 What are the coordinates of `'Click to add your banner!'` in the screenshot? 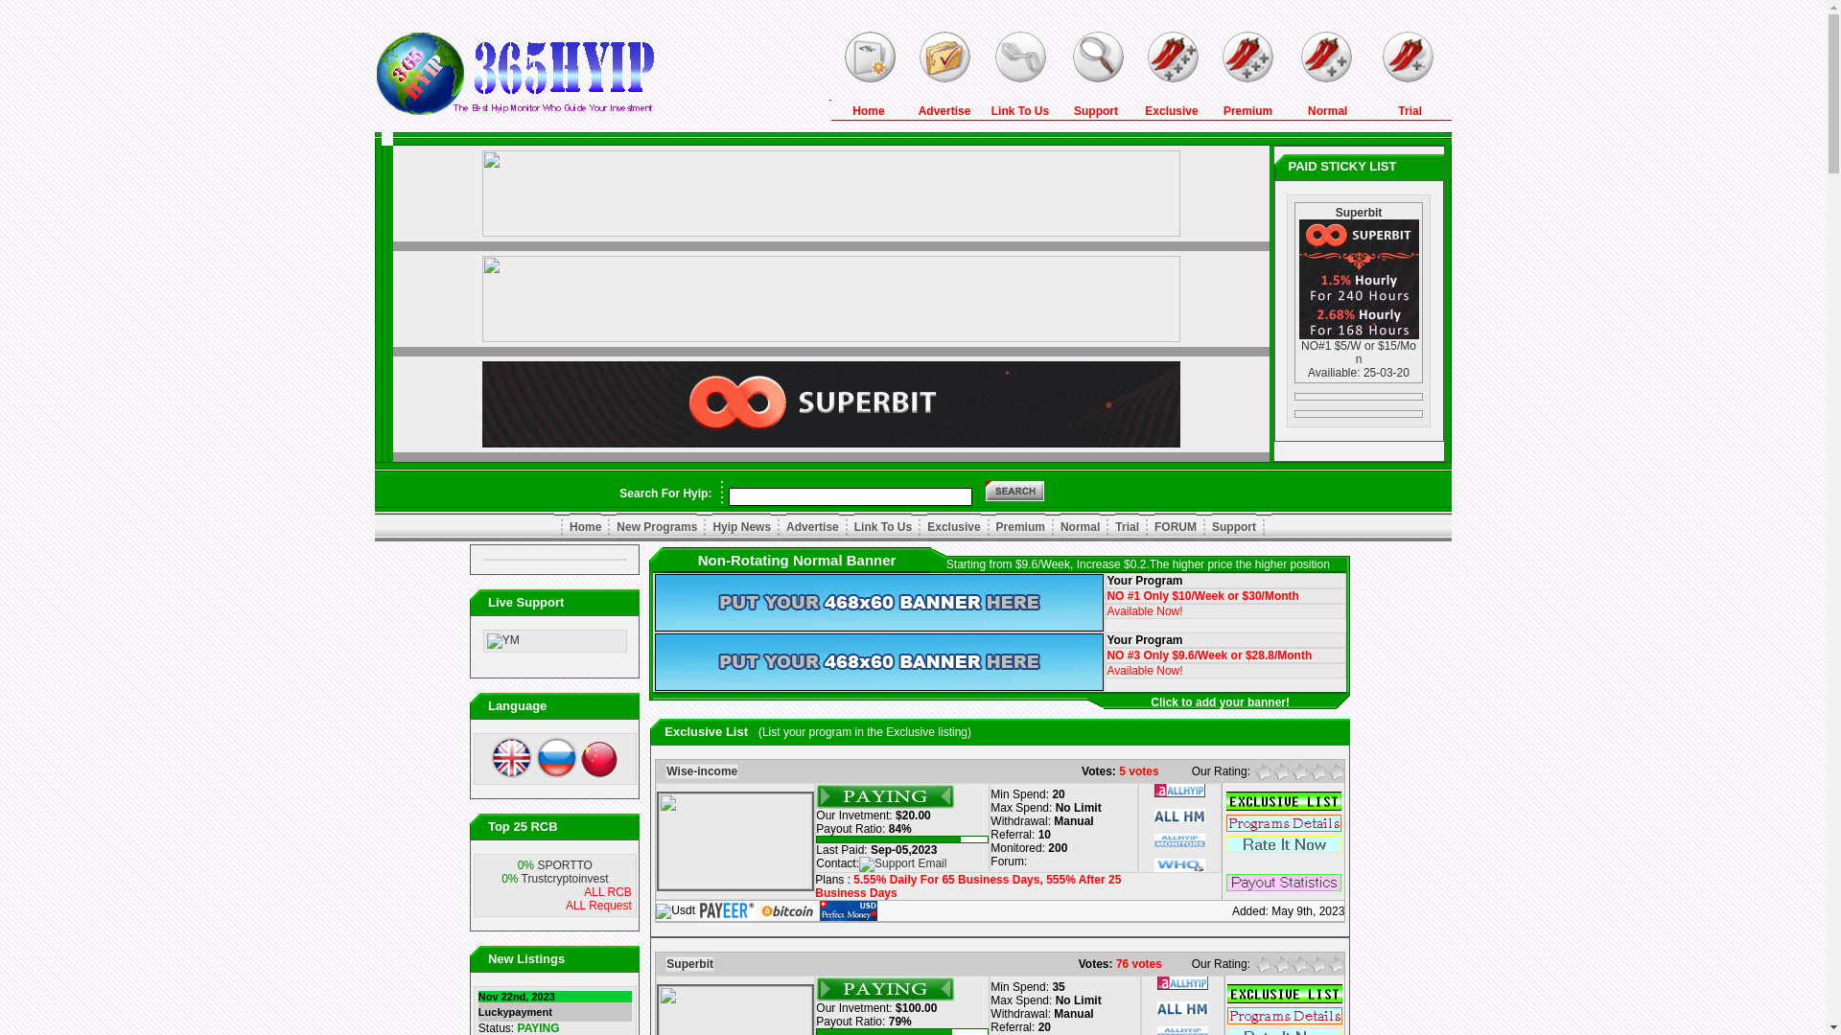 It's located at (1219, 701).